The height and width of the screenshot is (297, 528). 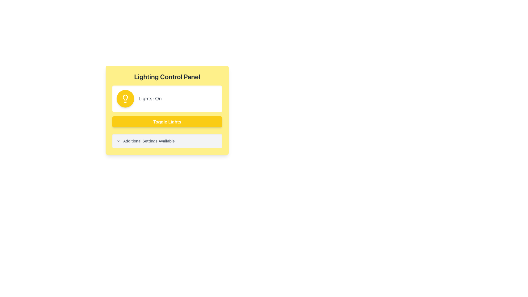 What do you see at coordinates (125, 98) in the screenshot?
I see `the icon indicating the status of the lights, located to the left of the 'Lights: On' label in the 'Lighting Control Panel' interface` at bounding box center [125, 98].